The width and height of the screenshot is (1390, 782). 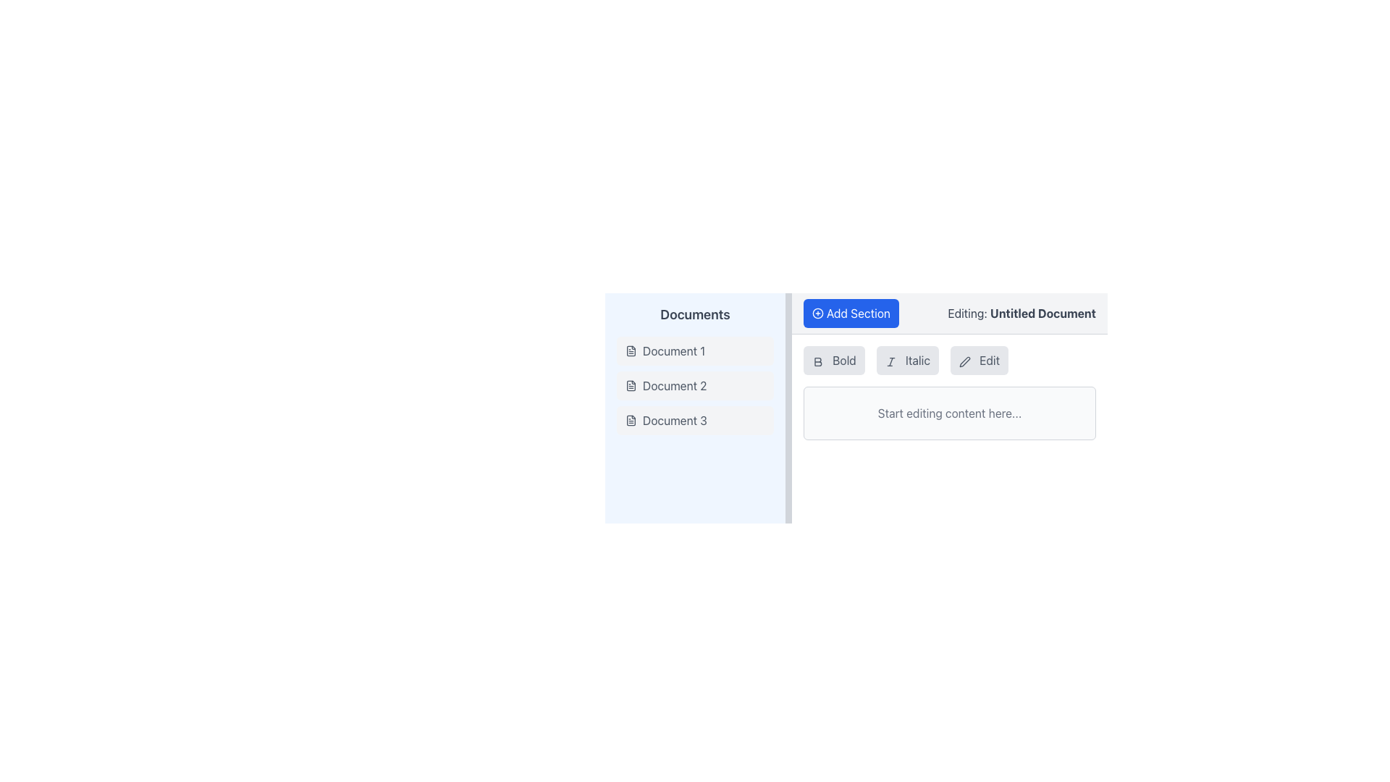 What do you see at coordinates (949, 413) in the screenshot?
I see `the Text Label displaying the placeholder text 'Start editing content here...' which is located in a rounded box below the buttons labeled 'Bold,' 'Italic,' and 'Edit.'` at bounding box center [949, 413].